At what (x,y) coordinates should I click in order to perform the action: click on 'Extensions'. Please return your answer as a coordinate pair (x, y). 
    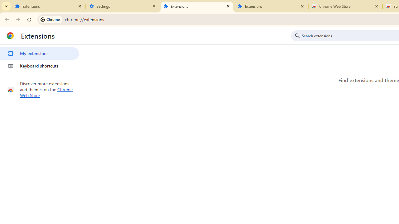
    Looking at the image, I should click on (48, 6).